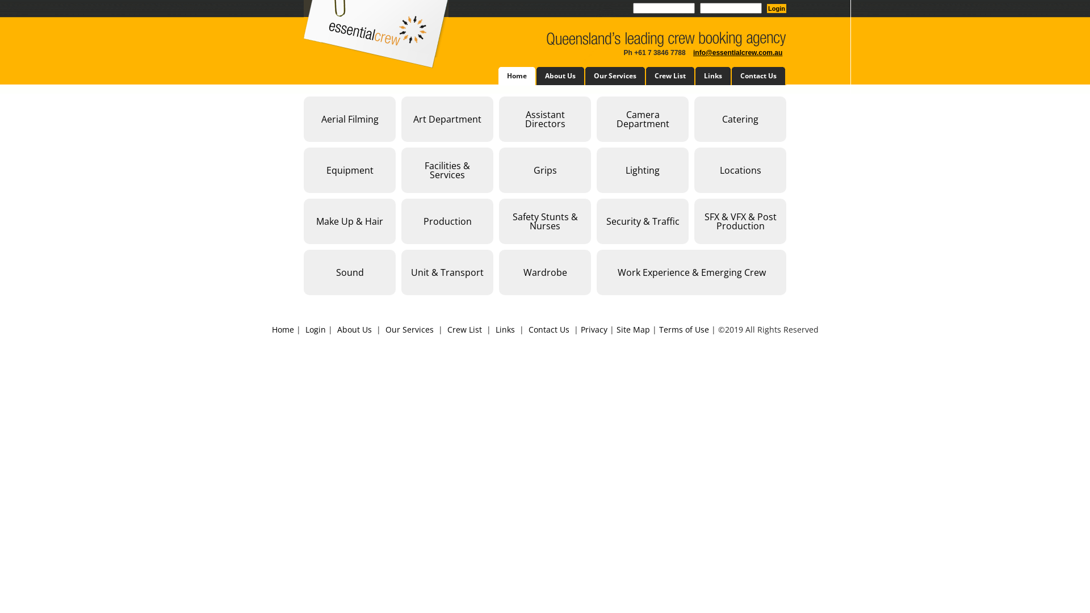 The image size is (1090, 613). What do you see at coordinates (593, 329) in the screenshot?
I see `'Privacy'` at bounding box center [593, 329].